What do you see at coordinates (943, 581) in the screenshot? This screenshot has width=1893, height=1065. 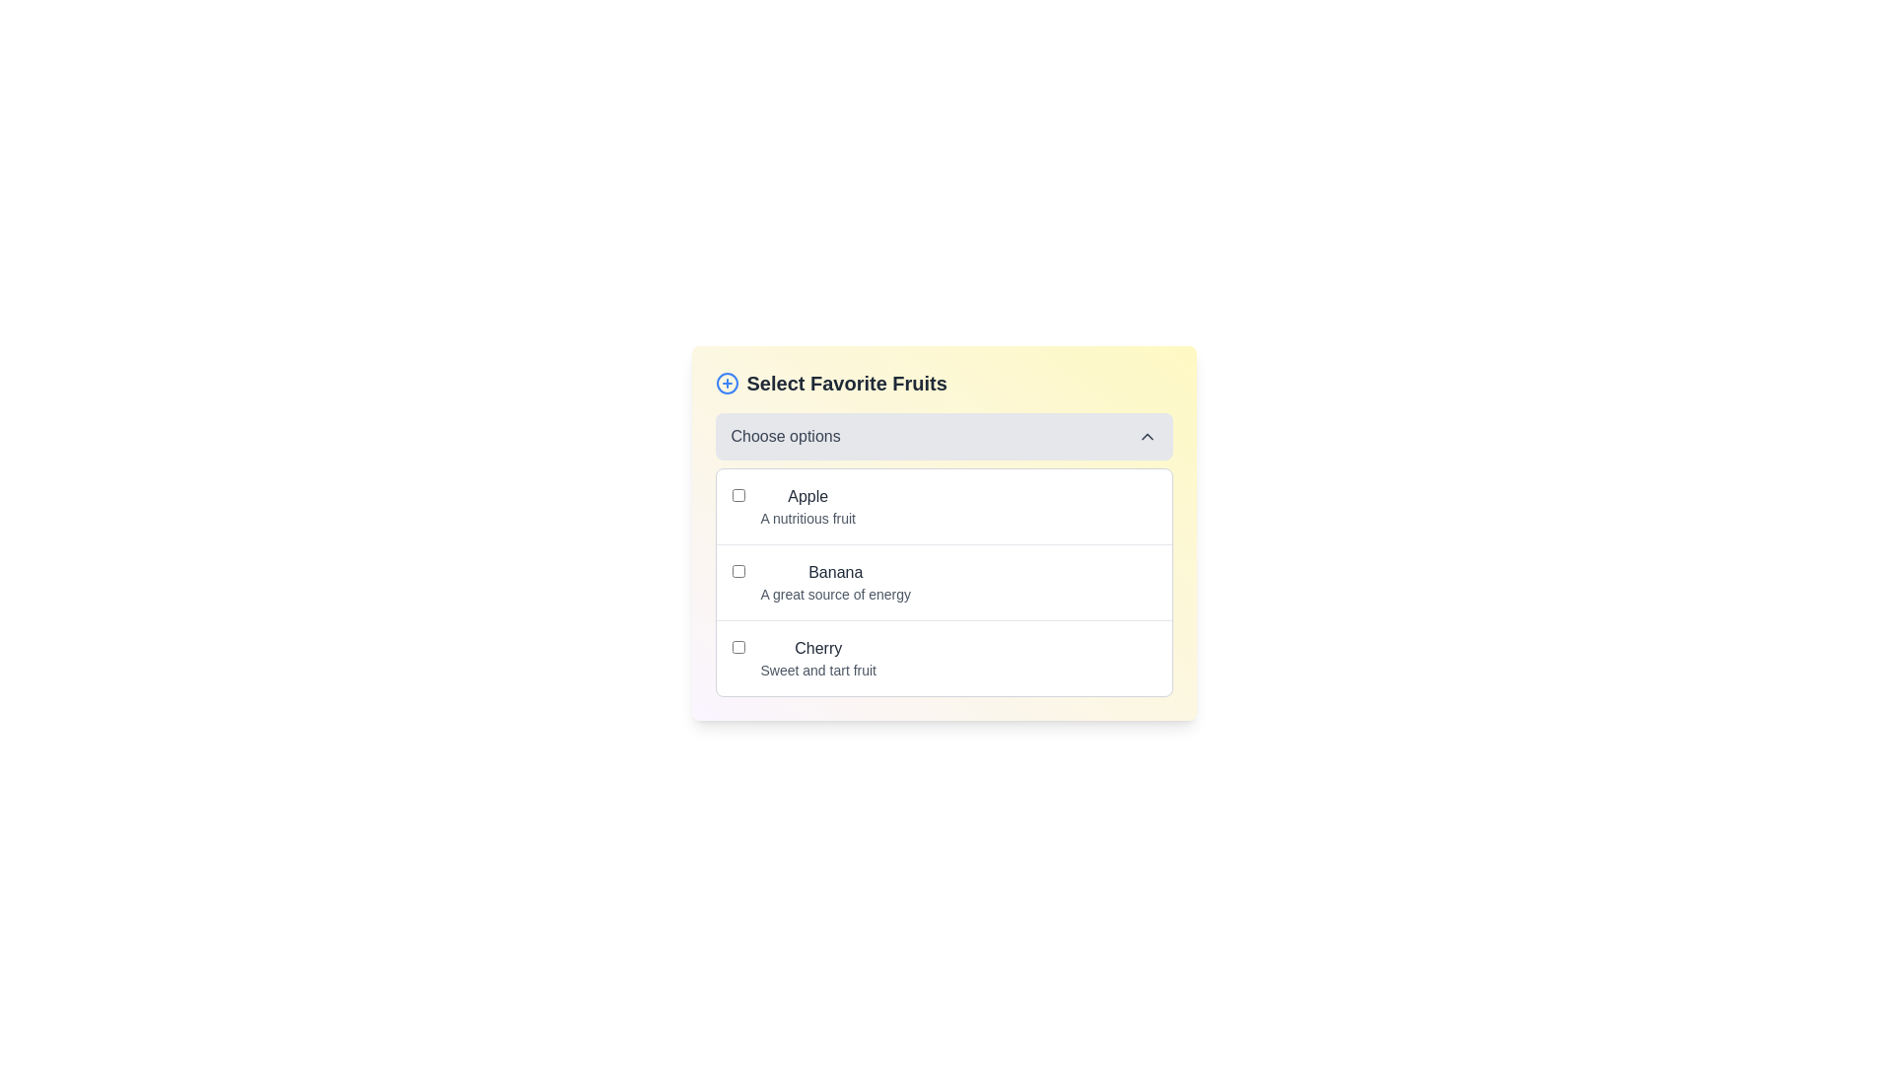 I see `the second list item with a checkbox, which is styled with a light background and is positioned between the items 'Apple' and 'Cherry'` at bounding box center [943, 581].